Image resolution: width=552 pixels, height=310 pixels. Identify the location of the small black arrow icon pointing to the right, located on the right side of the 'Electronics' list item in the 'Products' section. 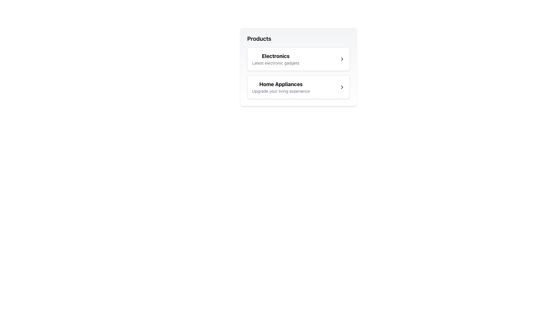
(342, 59).